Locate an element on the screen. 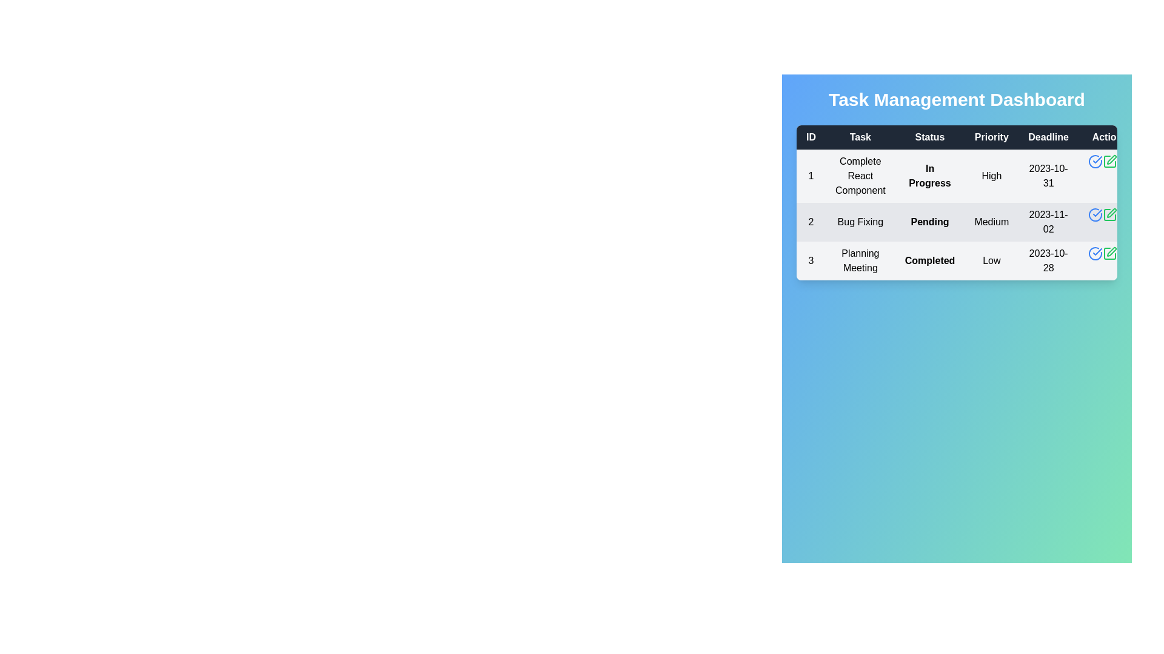 The image size is (1164, 654). the edit button for task 1 is located at coordinates (1109, 160).